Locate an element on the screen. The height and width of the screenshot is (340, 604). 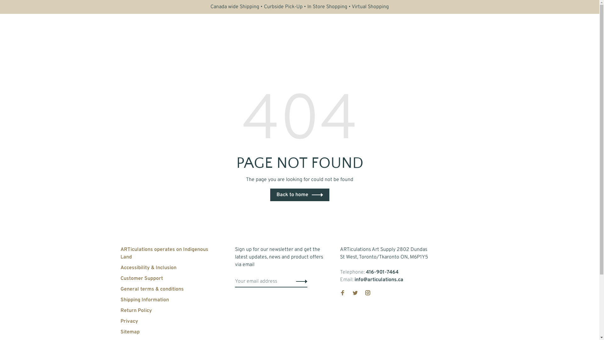
'Email: info@articulations.ca' is located at coordinates (339, 279).